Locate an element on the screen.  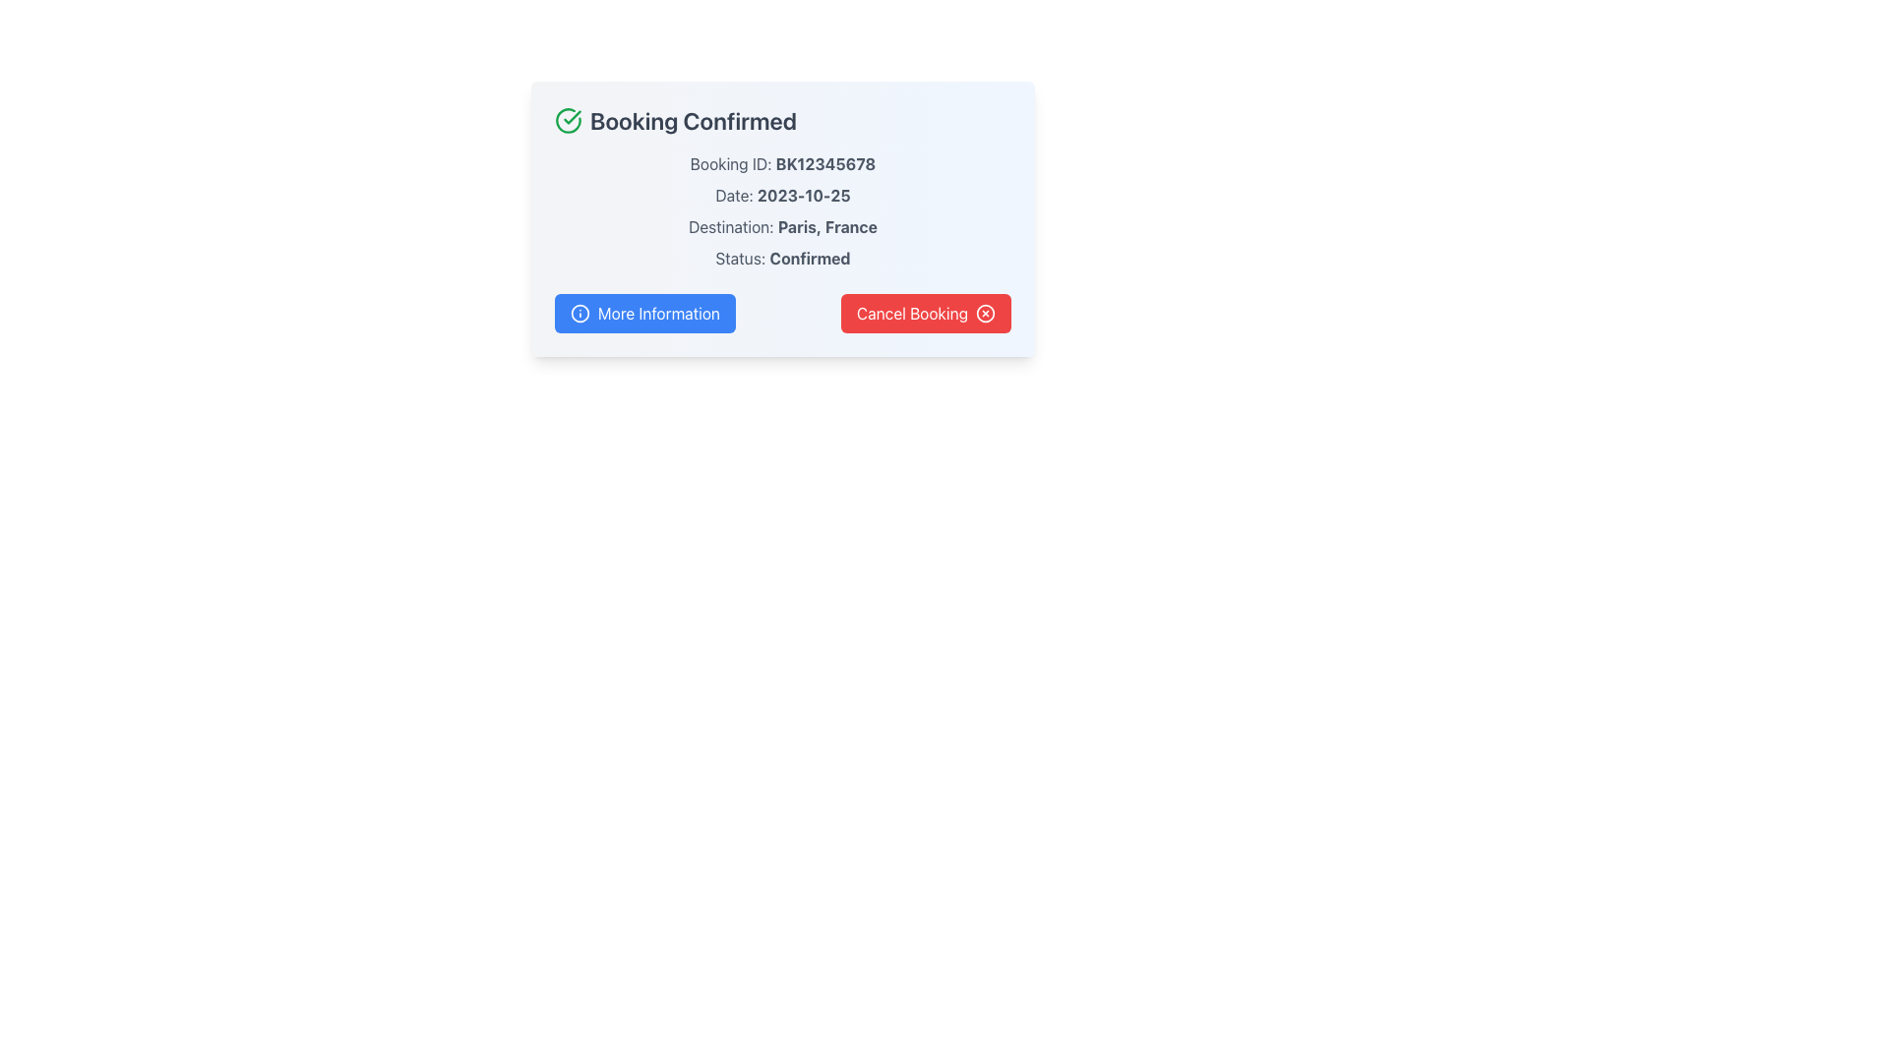
the static informational text display that shows booking details, including Booking ID, Date, Destination, and Status, located just below the title 'Booking Confirmed' is located at coordinates (782, 211).